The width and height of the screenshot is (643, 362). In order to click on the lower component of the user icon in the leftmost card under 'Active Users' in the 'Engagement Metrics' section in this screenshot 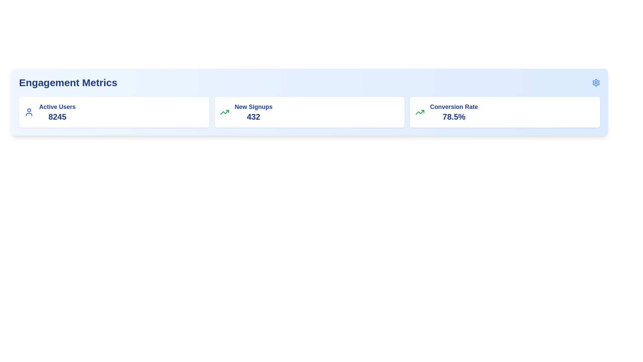, I will do `click(28, 114)`.